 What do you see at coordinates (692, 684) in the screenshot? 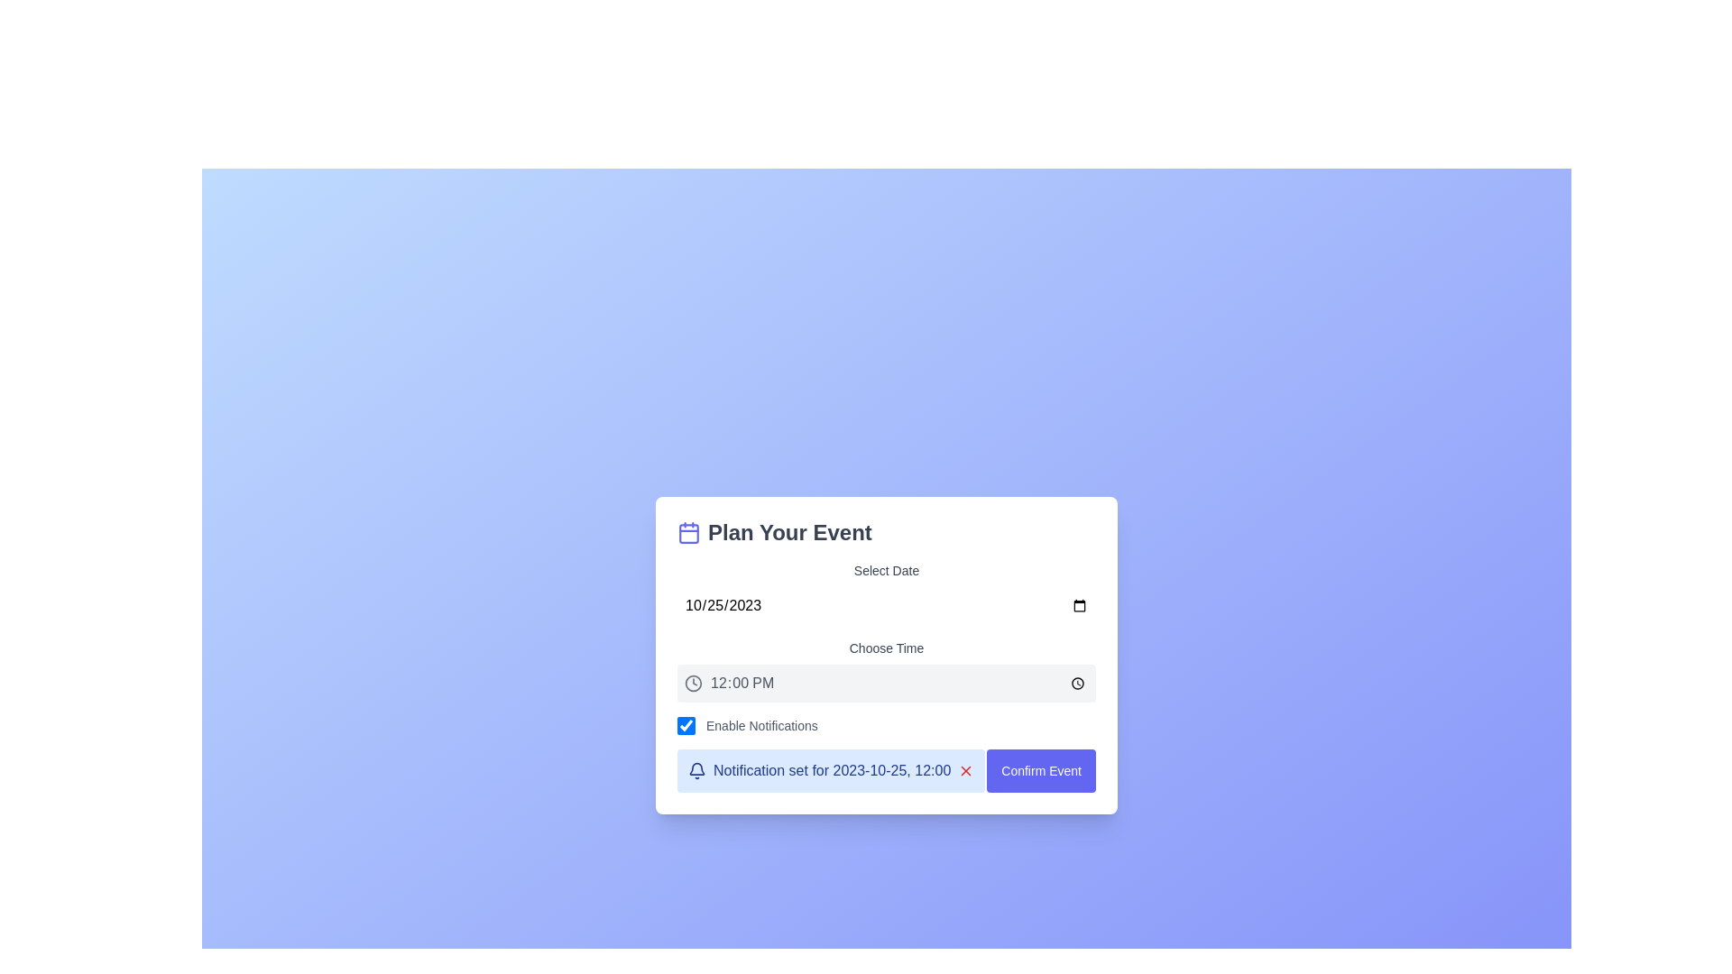
I see `the circular component located within the clock-like icon, which is in the lower-right section of the 'Plan Your Event' modal, near the '12:00 PM' time display` at bounding box center [692, 684].